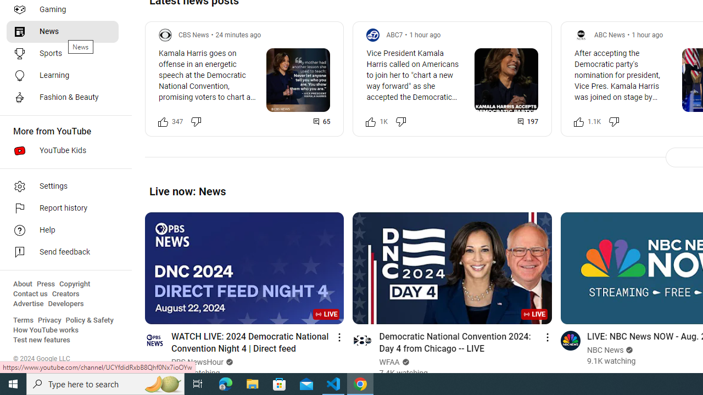  I want to click on 'NBC News', so click(605, 350).